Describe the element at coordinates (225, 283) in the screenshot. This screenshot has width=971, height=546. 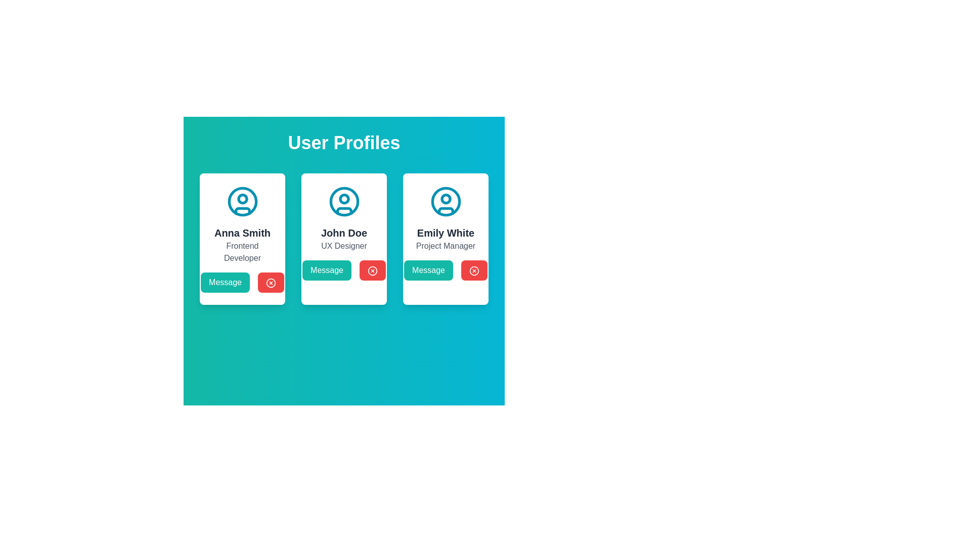
I see `the messaging button located directly below the user's name and role within the profile card to initiate a message interaction` at that location.